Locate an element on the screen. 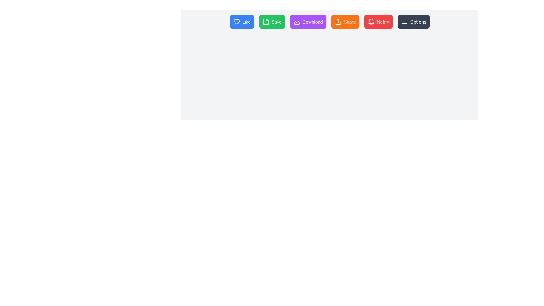 Image resolution: width=544 pixels, height=306 pixels. the share icon, which is an upward-pointing arrow inside an orange rectangular button labeled 'Share', the fourth button from the left in a row of similar buttons is located at coordinates (338, 22).